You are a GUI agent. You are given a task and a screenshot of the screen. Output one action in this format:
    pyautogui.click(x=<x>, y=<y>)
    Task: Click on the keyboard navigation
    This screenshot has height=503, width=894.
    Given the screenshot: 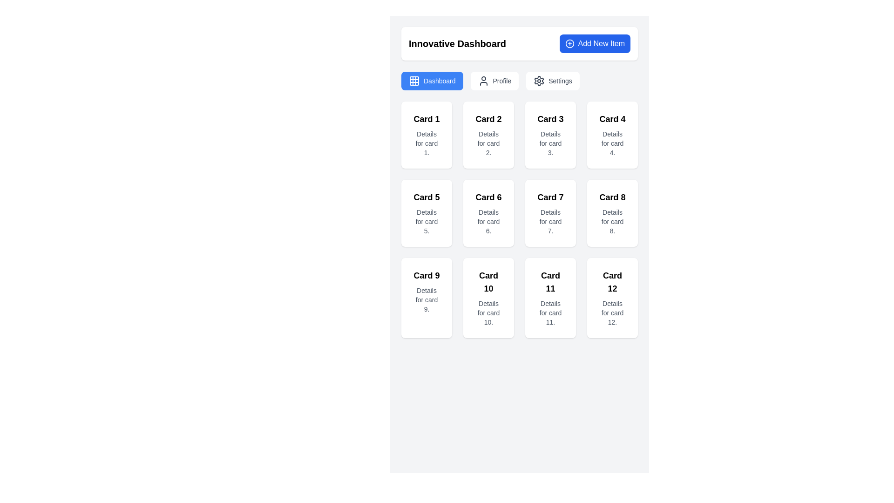 What is the action you would take?
    pyautogui.click(x=494, y=80)
    